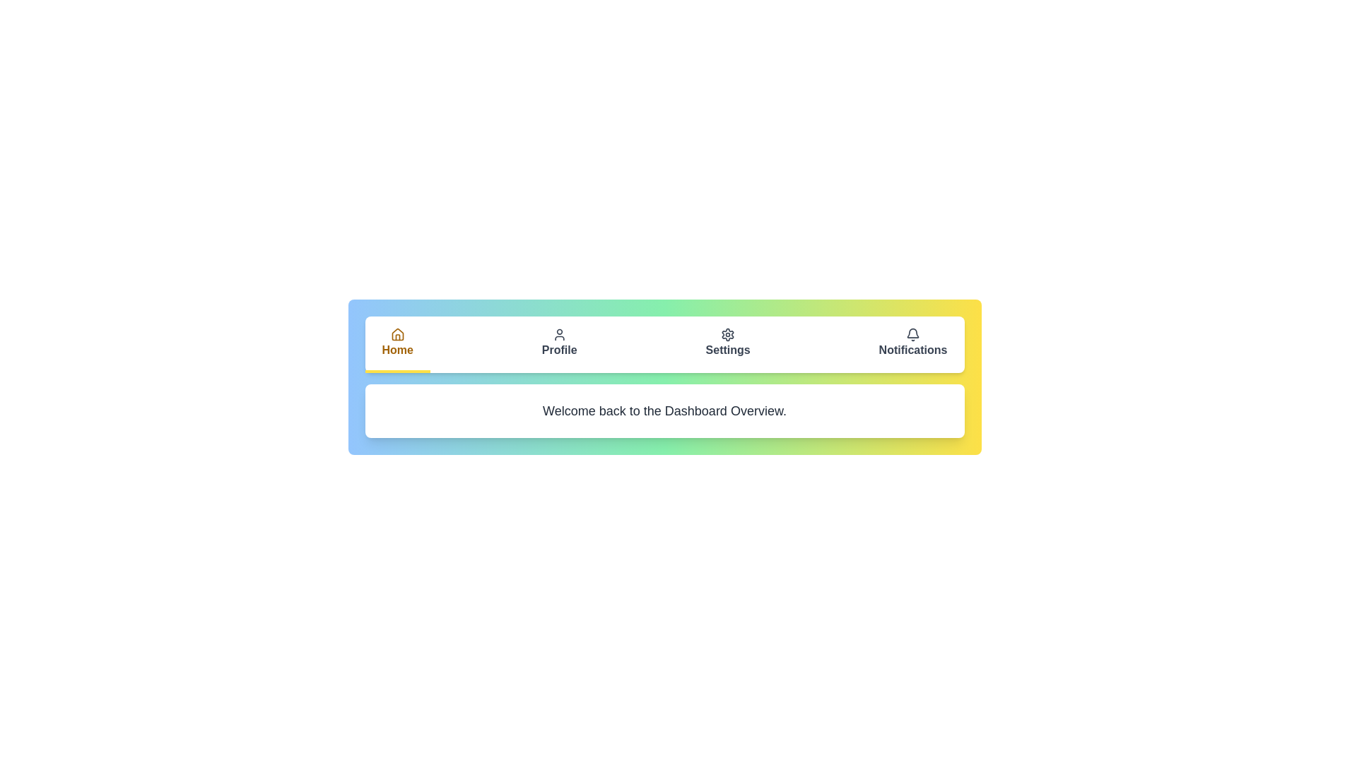  I want to click on the 'Notifications' text label in the navigation bar, so click(912, 350).